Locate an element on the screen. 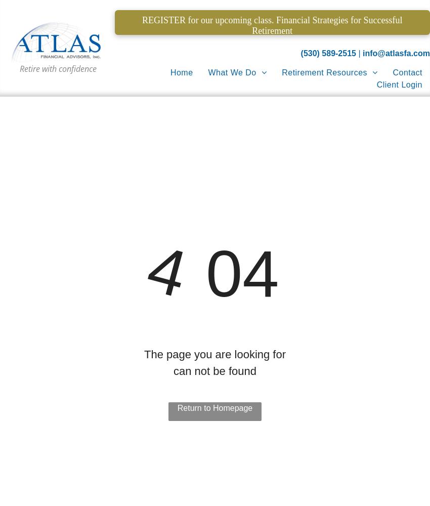  '(' is located at coordinates (300, 53).